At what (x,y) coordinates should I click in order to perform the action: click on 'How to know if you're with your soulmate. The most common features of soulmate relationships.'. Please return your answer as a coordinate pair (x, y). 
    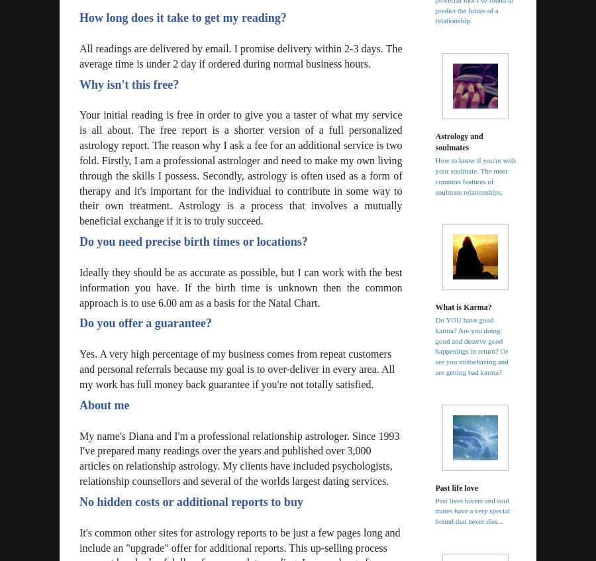
    Looking at the image, I should click on (474, 175).